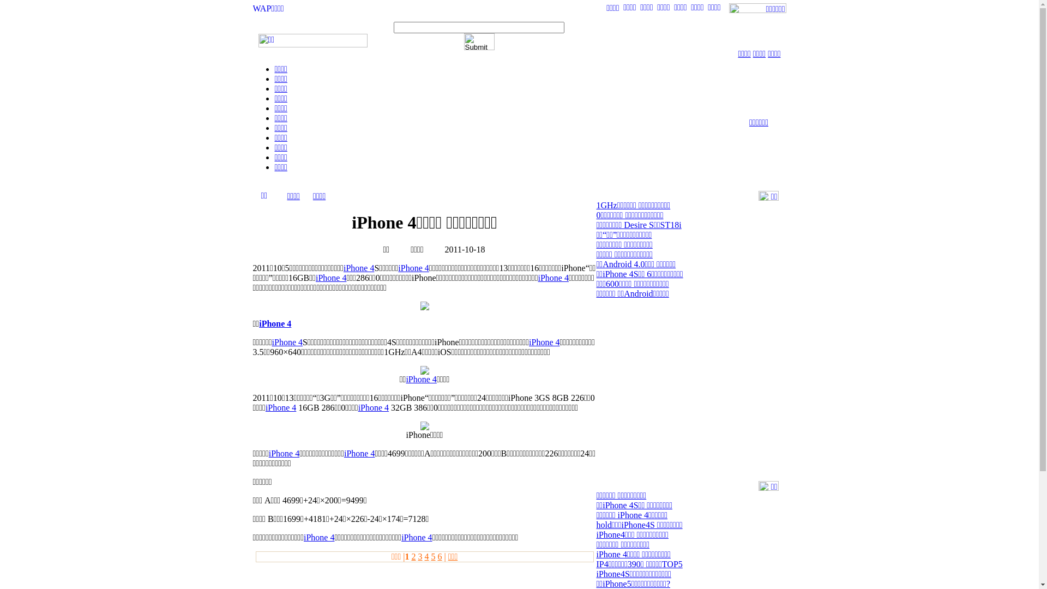 The image size is (1047, 589). Describe the element at coordinates (426, 556) in the screenshot. I see `'4'` at that location.